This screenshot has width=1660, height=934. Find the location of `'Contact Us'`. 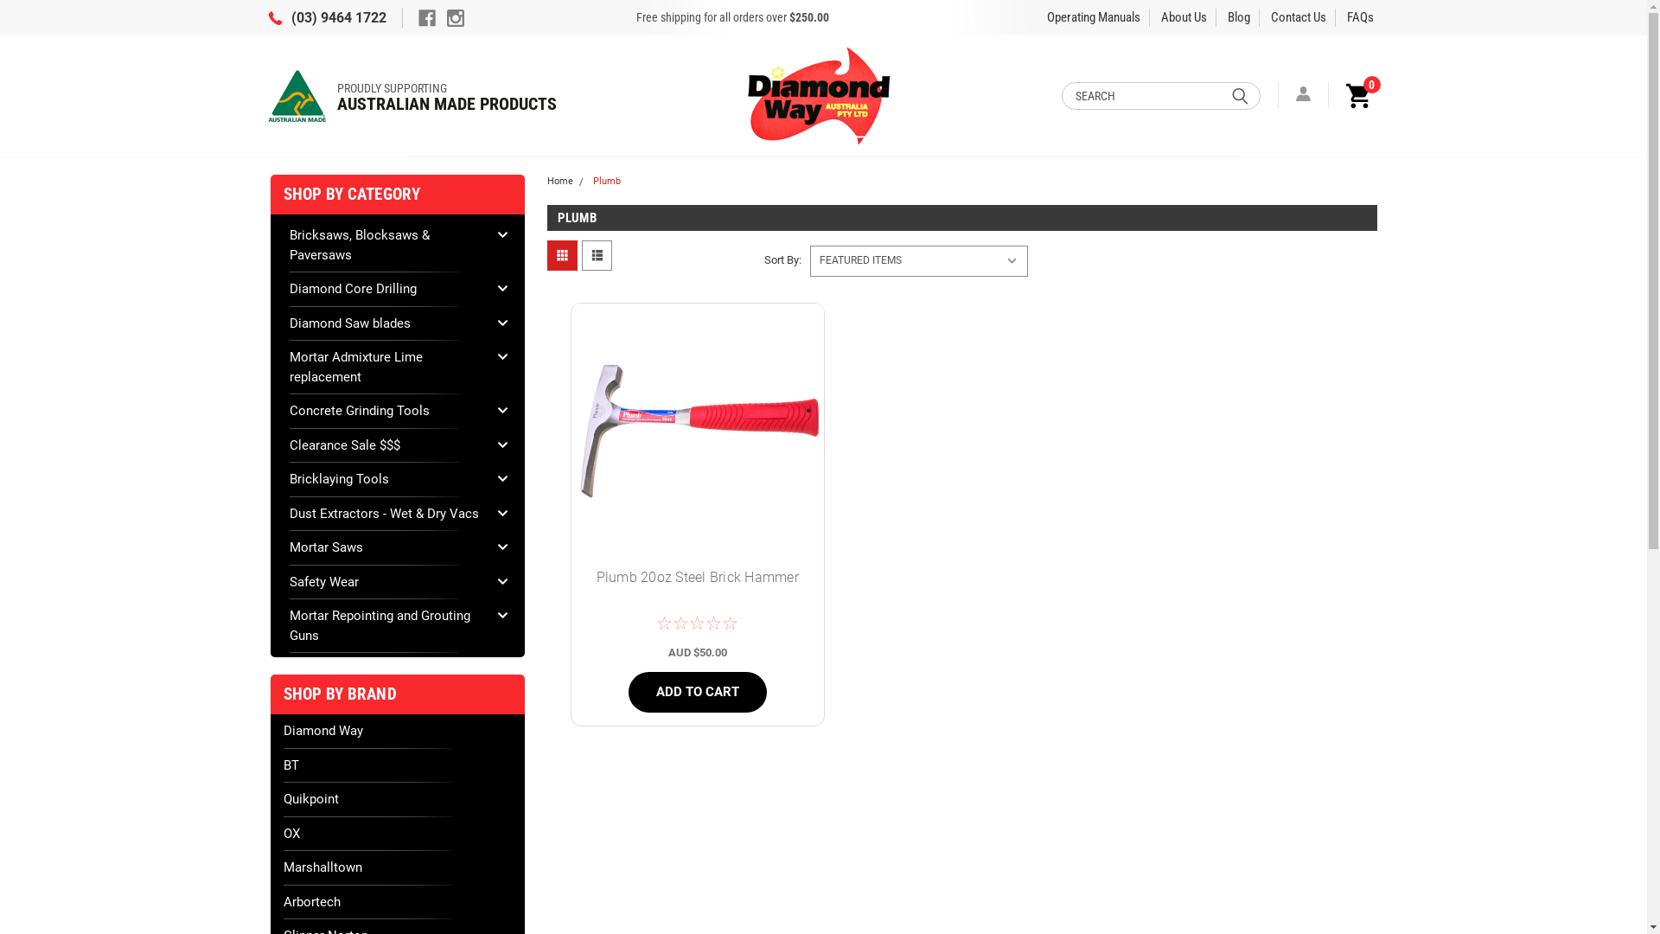

'Contact Us' is located at coordinates (1299, 16).